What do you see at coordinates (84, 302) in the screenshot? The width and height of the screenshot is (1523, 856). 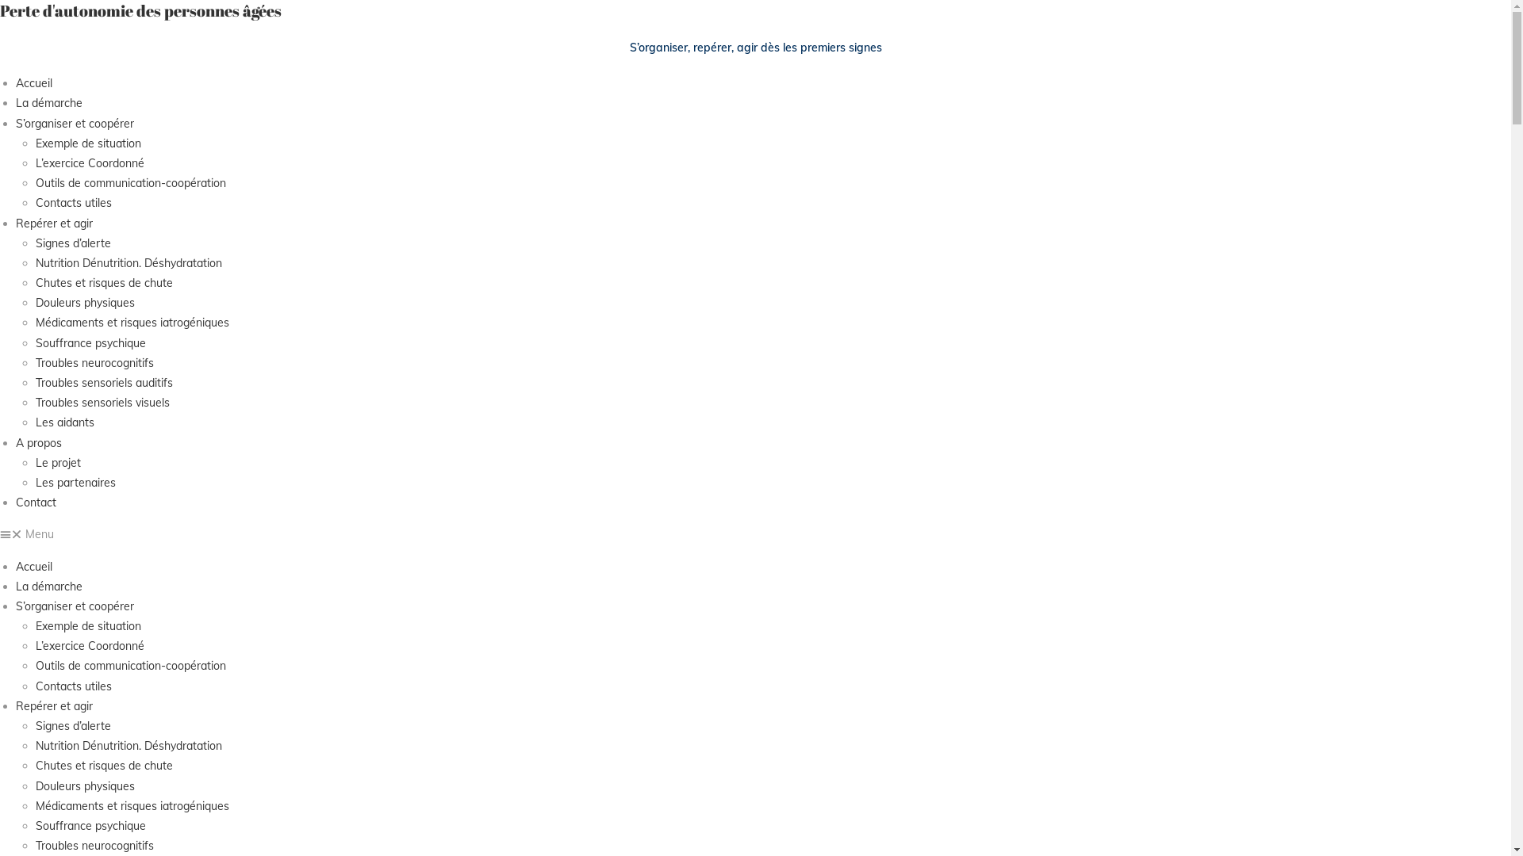 I see `'Douleurs physiques'` at bounding box center [84, 302].